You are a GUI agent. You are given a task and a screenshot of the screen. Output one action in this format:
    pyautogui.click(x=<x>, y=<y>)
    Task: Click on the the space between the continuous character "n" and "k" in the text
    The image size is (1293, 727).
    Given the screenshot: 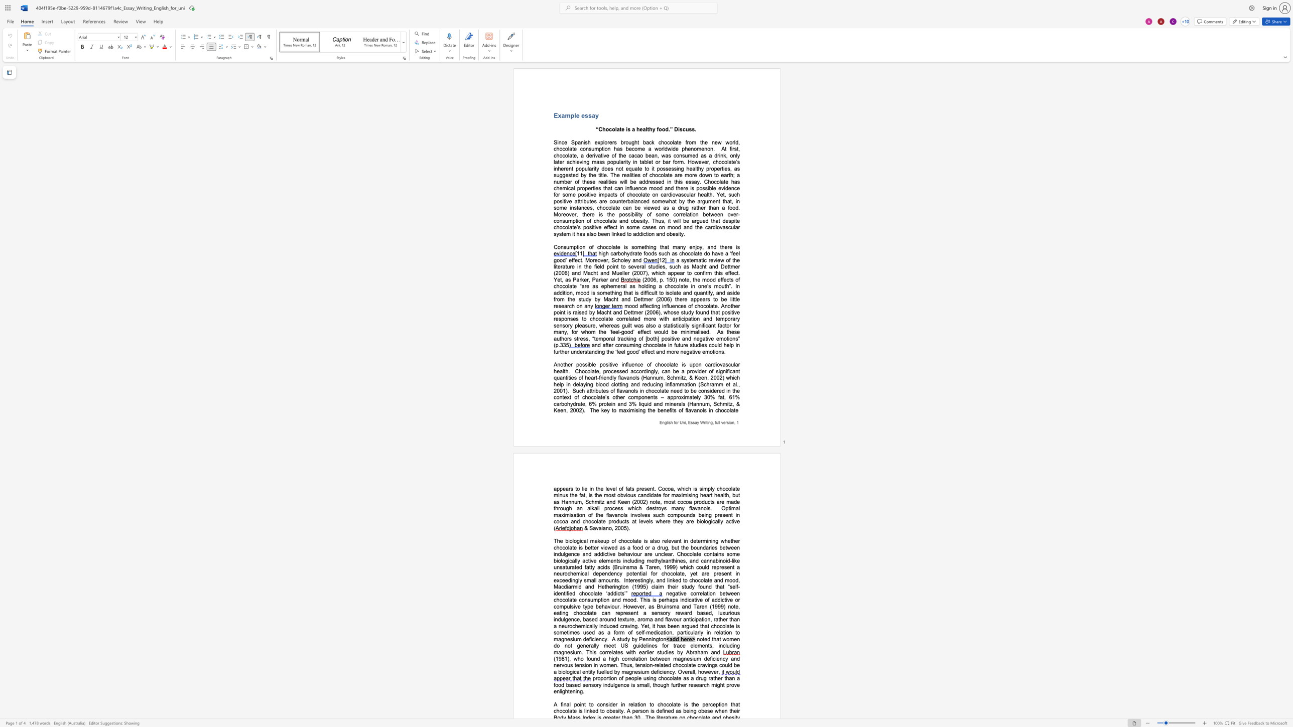 What is the action you would take?
    pyautogui.click(x=616, y=234)
    